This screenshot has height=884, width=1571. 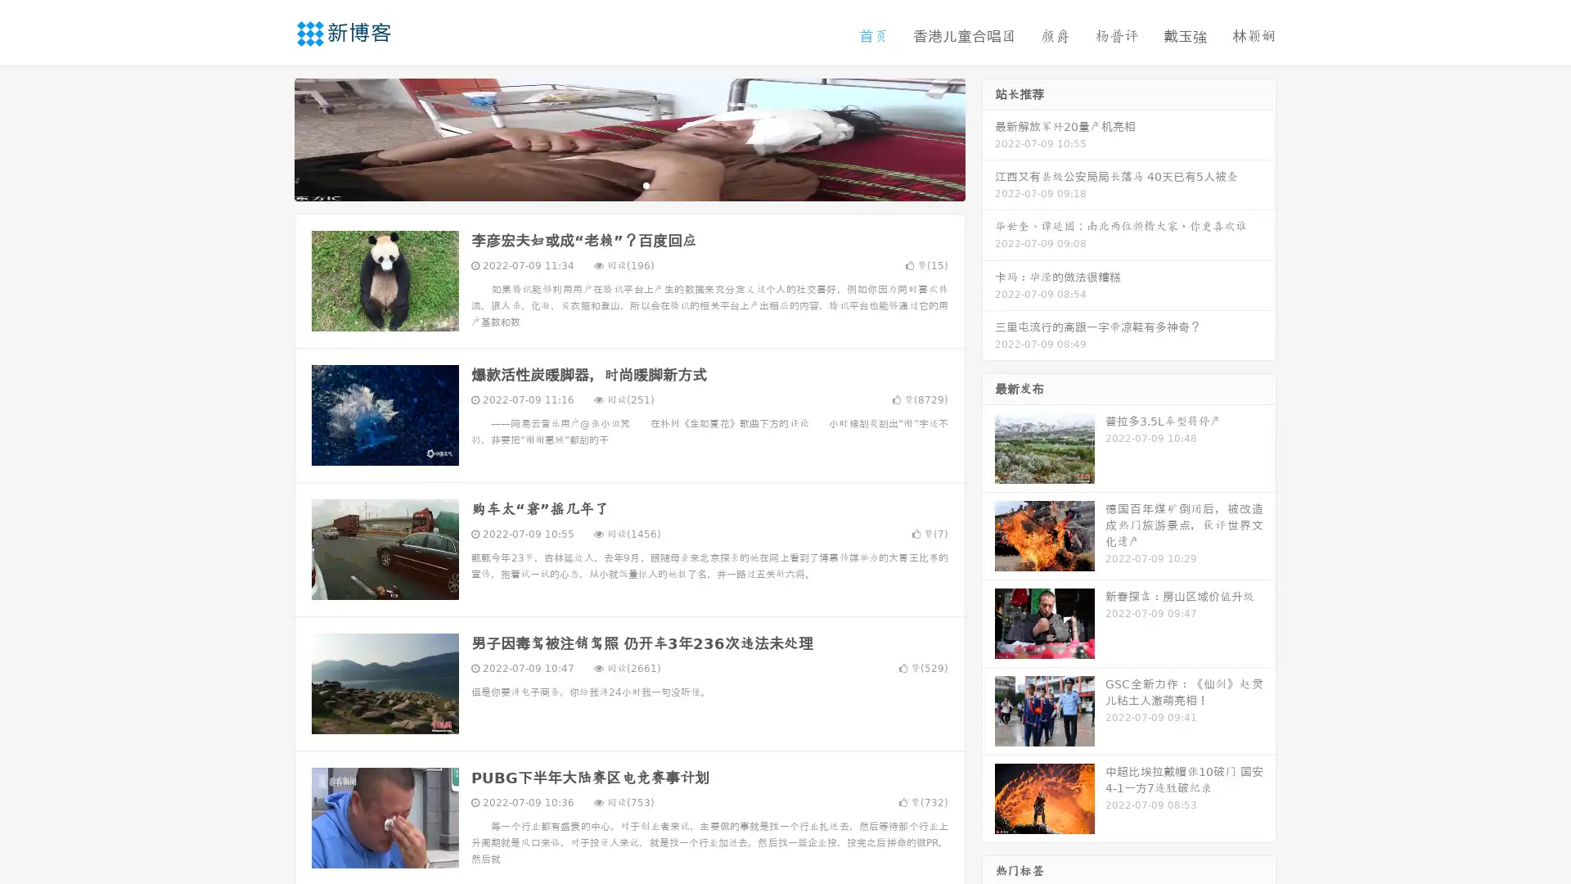 I want to click on Go to slide 1, so click(x=612, y=184).